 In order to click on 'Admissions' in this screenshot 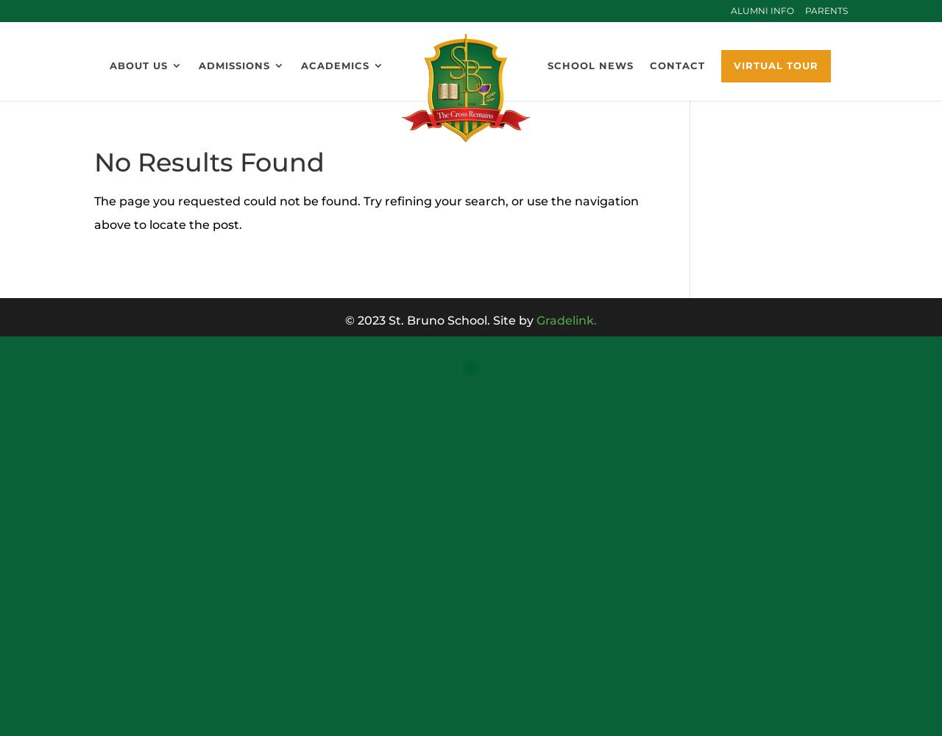, I will do `click(233, 65)`.